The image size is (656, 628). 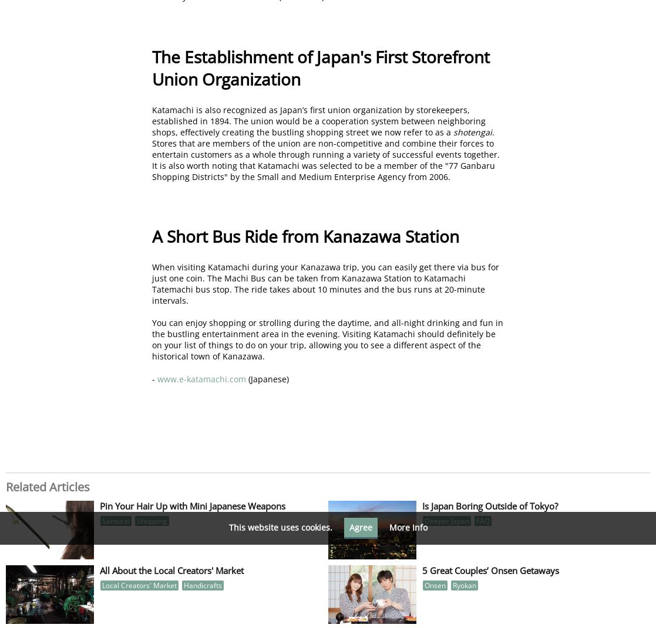 What do you see at coordinates (151, 339) in the screenshot?
I see `'You can enjoy shopping or strolling during the daytime, and all-night drinking and fun in the bustling entertainment area in the evening. Visiting Katamachi should definitely be on your list of things to do on your trip, allowing you to see a different aspect of the historical town of Kanazawa.'` at bounding box center [151, 339].